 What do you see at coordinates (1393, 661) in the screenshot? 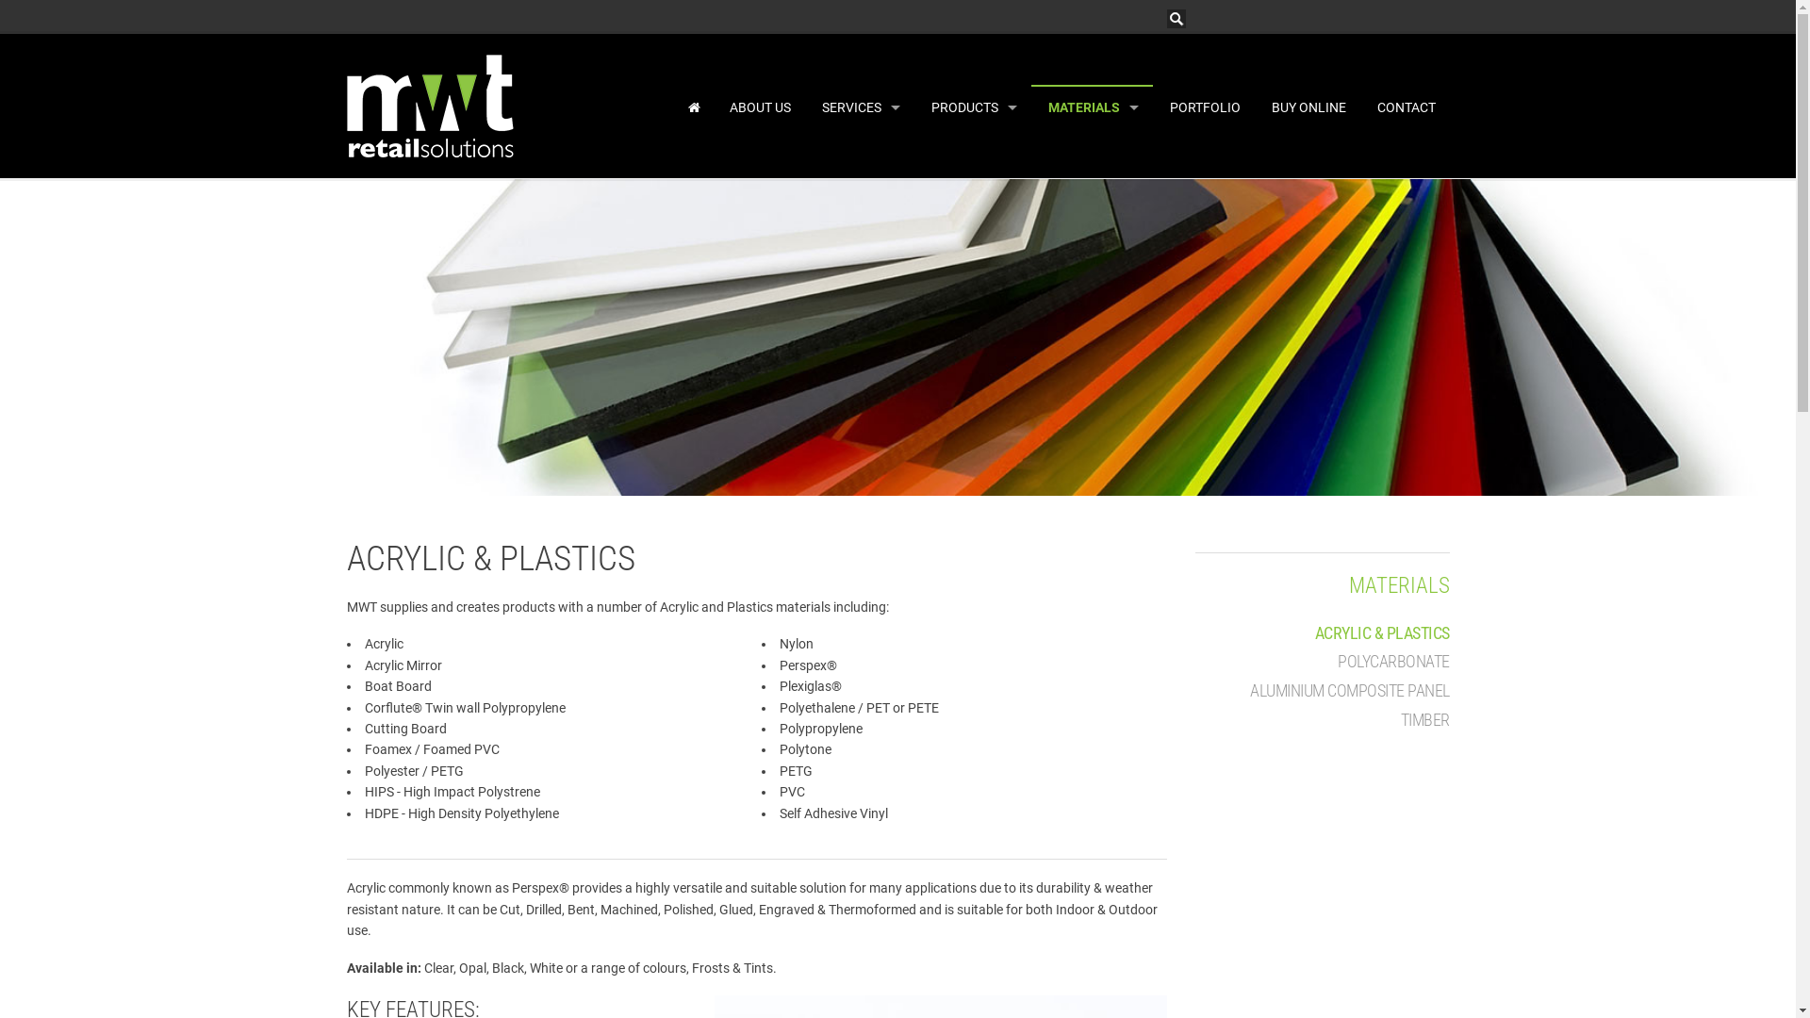
I see `'POLYCARBONATE'` at bounding box center [1393, 661].